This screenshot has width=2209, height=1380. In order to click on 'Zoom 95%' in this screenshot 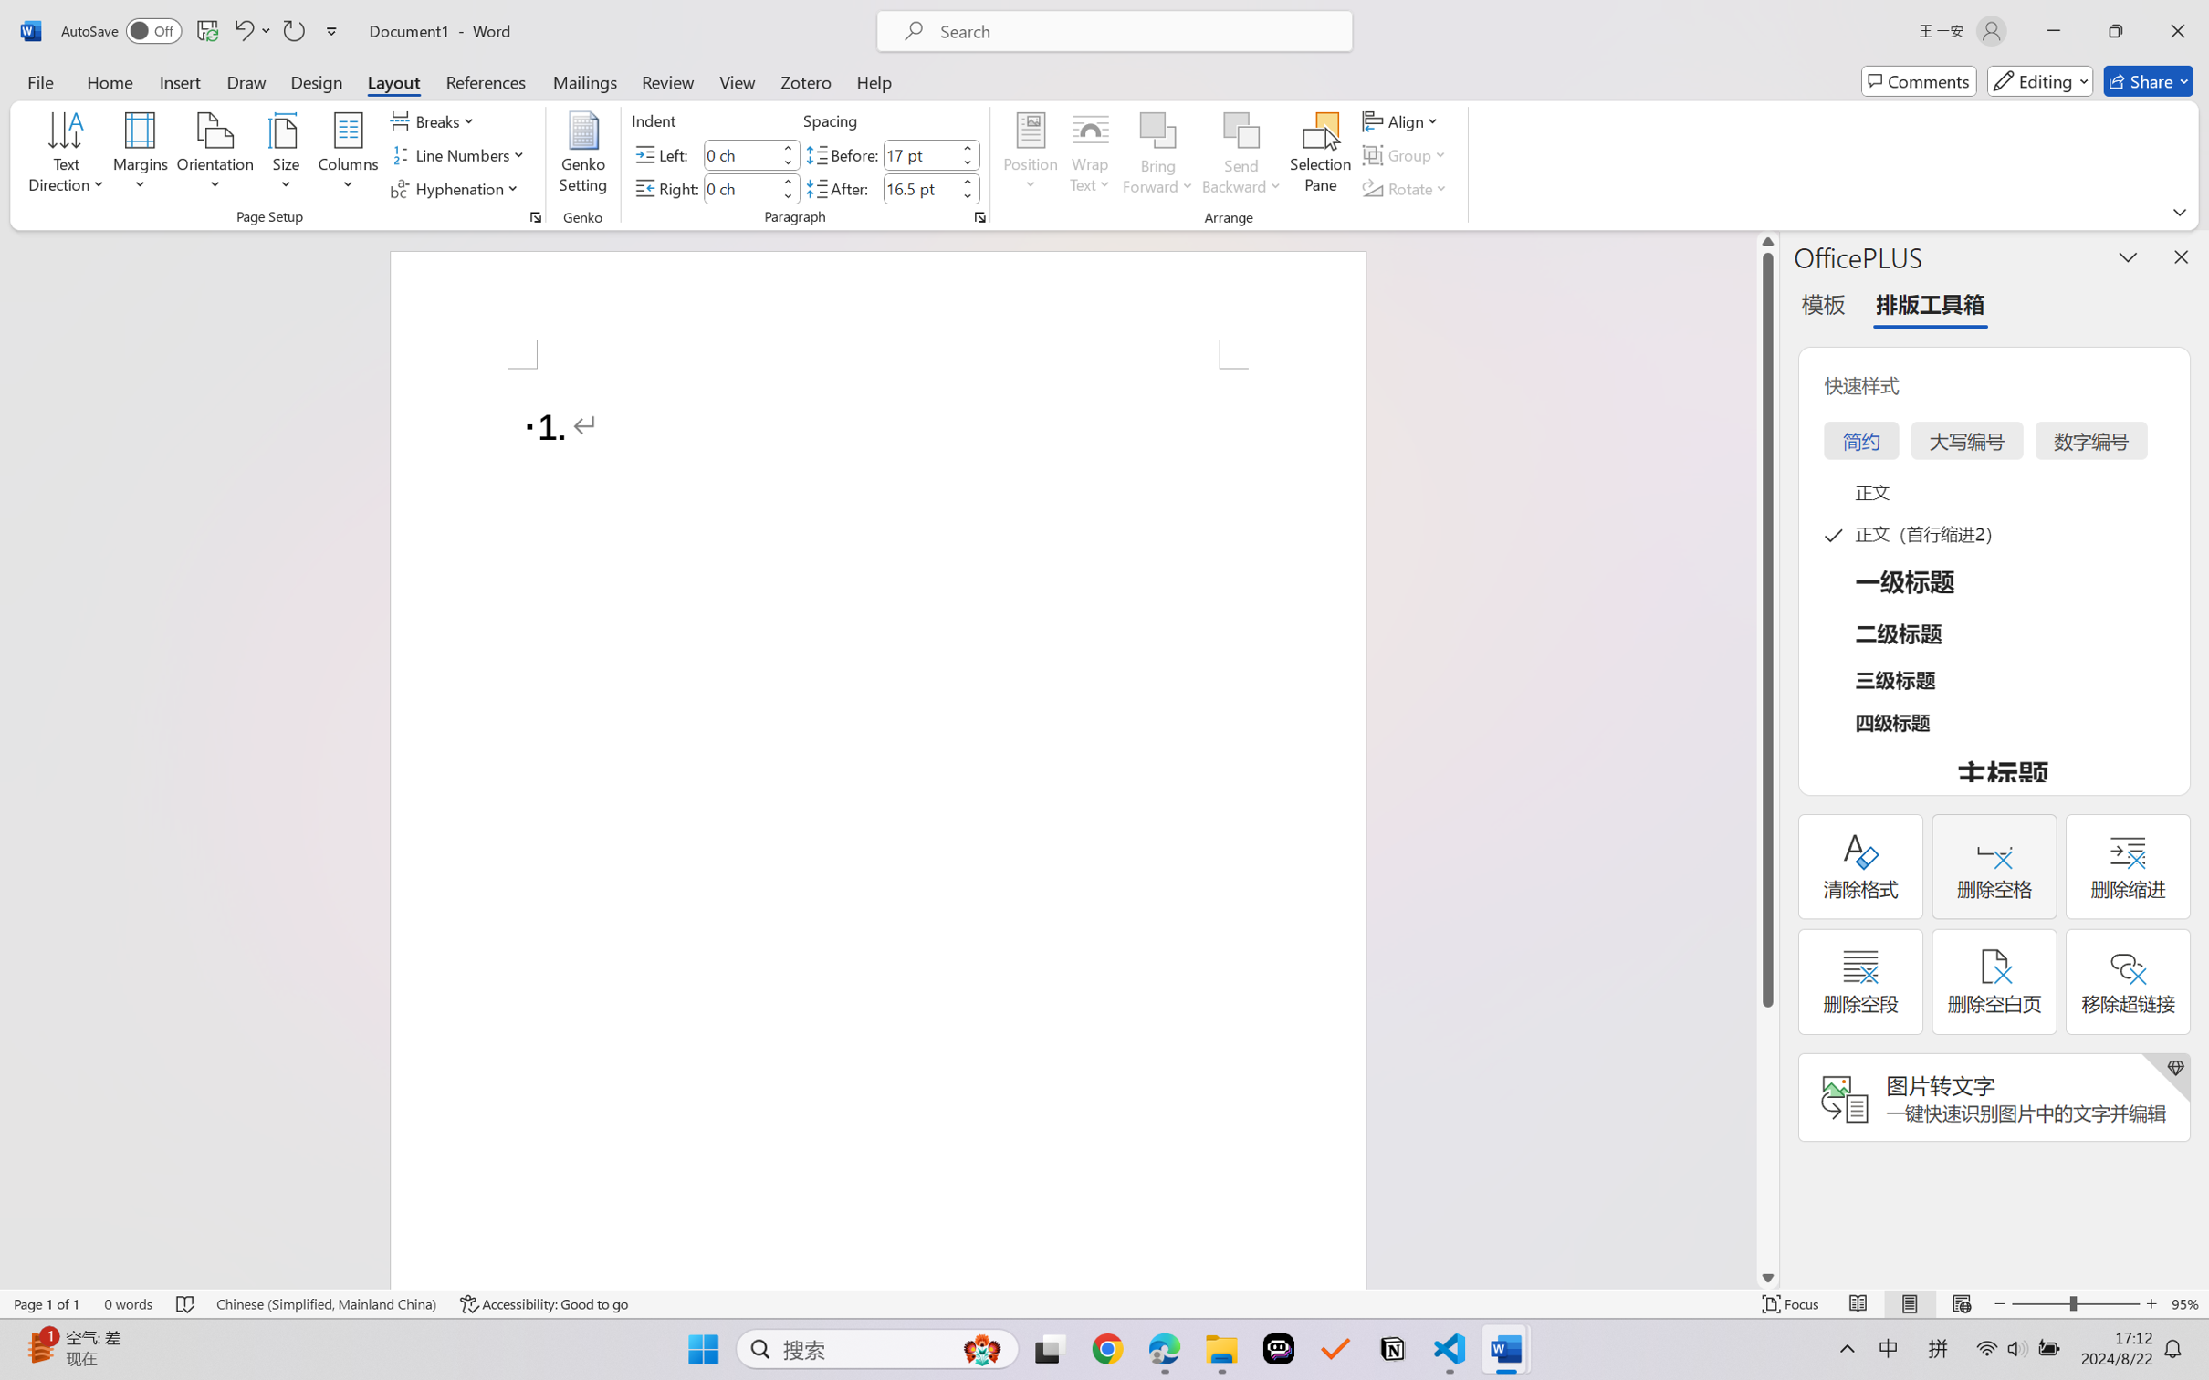, I will do `click(2185, 1303)`.